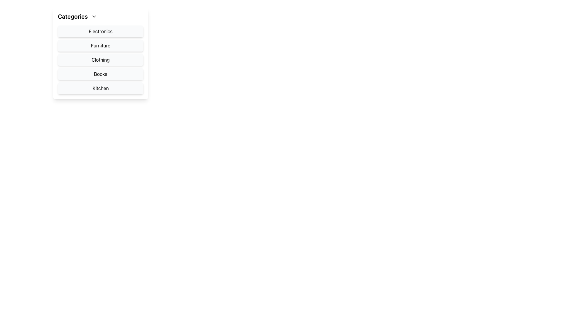  What do you see at coordinates (101, 53) in the screenshot?
I see `the 'Clothing' category in the list of categories, which is the third option below 'Furniture' and above 'Books'` at bounding box center [101, 53].